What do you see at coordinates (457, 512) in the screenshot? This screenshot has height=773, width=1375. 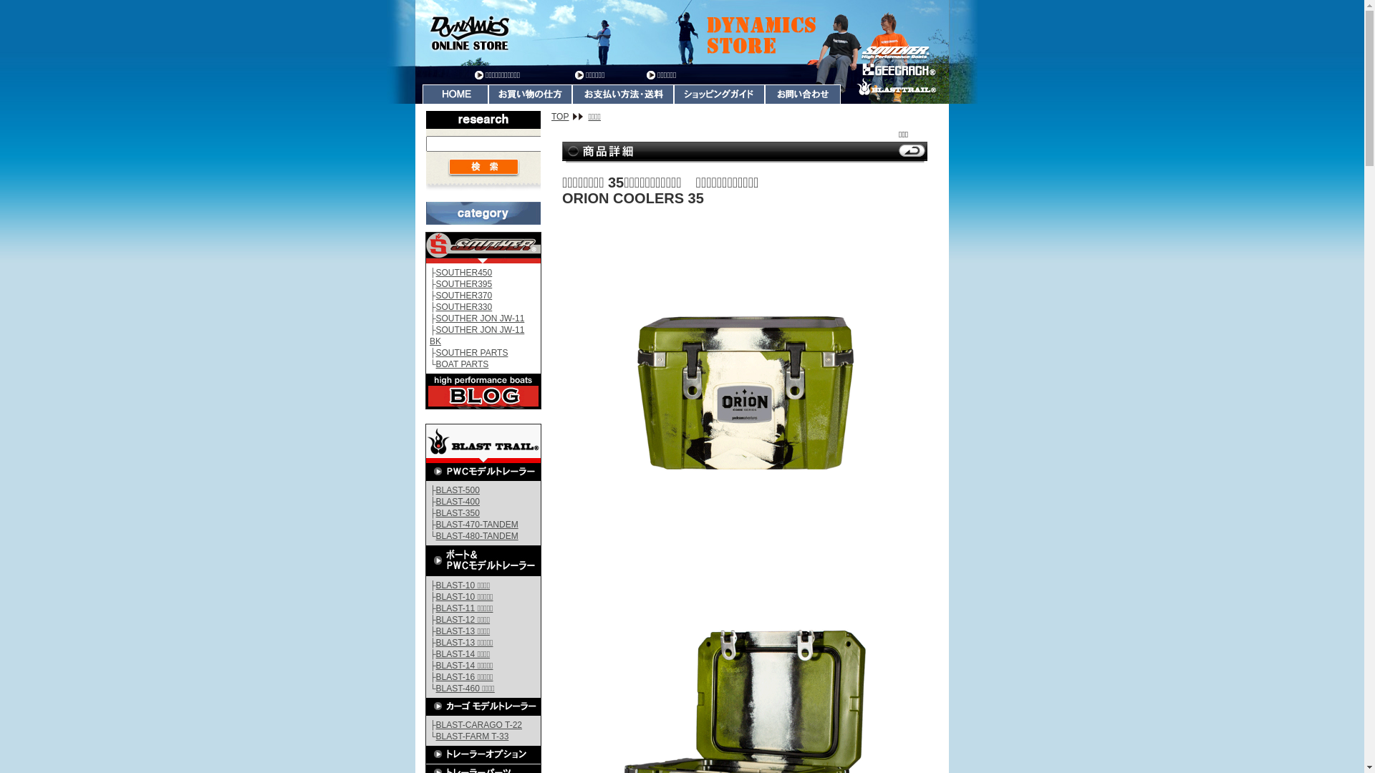 I see `'BLAST-350'` at bounding box center [457, 512].